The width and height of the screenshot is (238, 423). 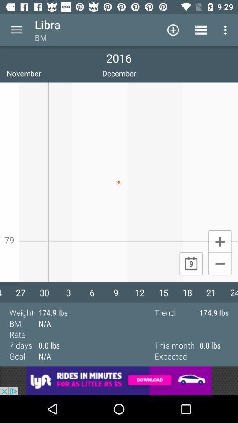 I want to click on open menu, so click(x=16, y=30).